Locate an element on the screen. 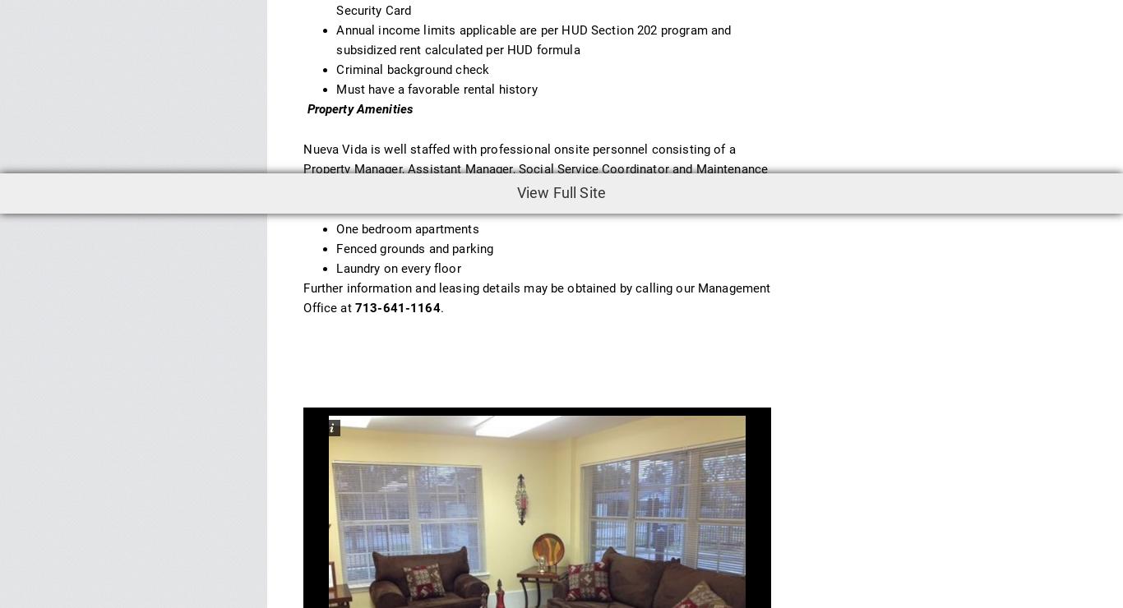  'Laundry on every floor' is located at coordinates (400, 266).